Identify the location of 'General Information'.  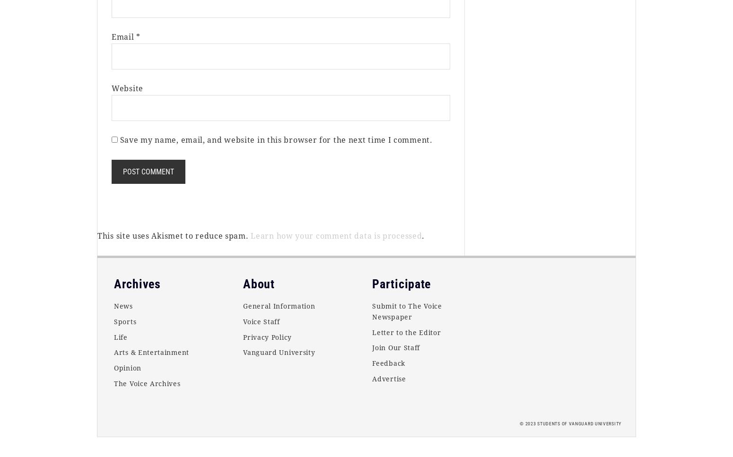
(279, 305).